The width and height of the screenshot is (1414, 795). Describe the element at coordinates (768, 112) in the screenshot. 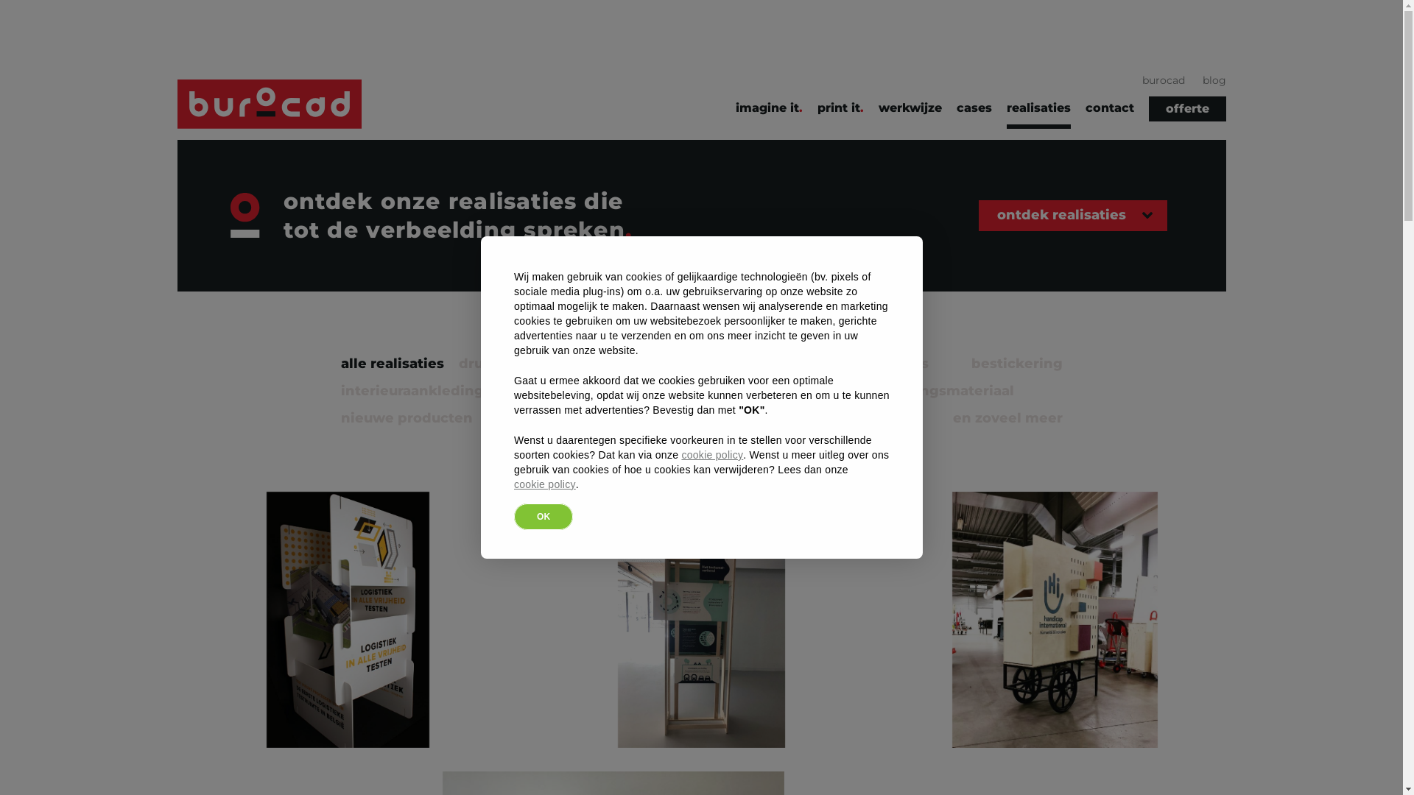

I see `'imagine it'` at that location.